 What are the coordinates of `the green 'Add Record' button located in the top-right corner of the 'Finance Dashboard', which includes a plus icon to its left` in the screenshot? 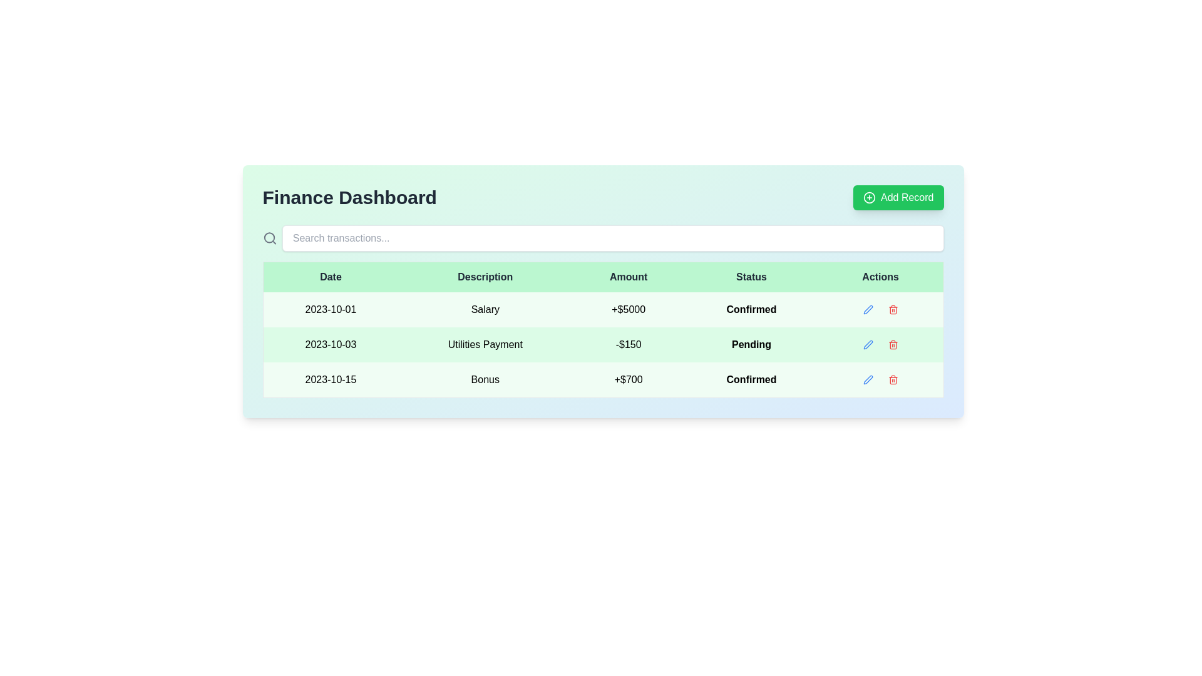 It's located at (898, 197).